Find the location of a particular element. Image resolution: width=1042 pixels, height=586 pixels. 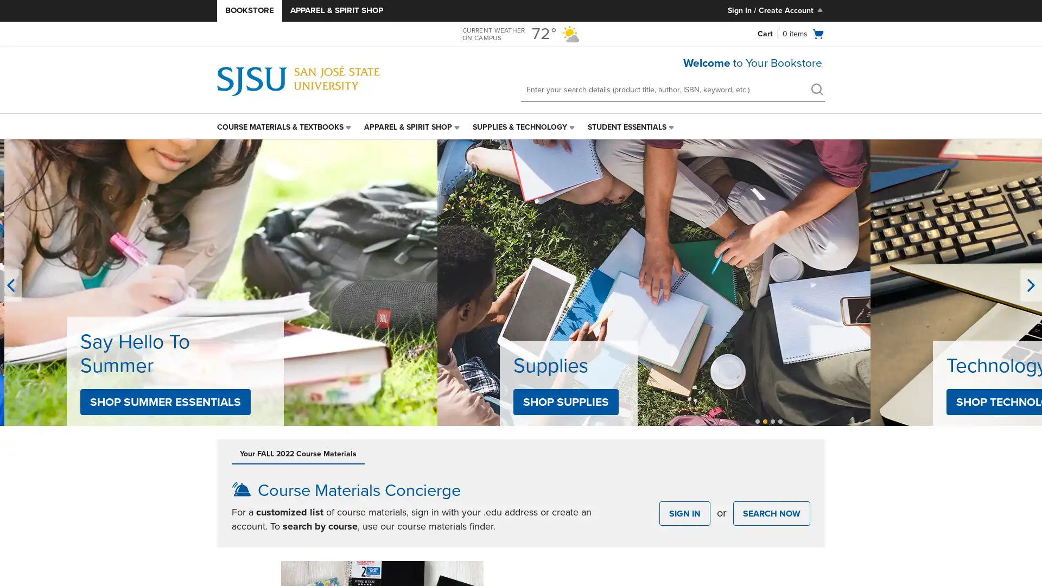

Selected, Slide 3 is located at coordinates (772, 421).